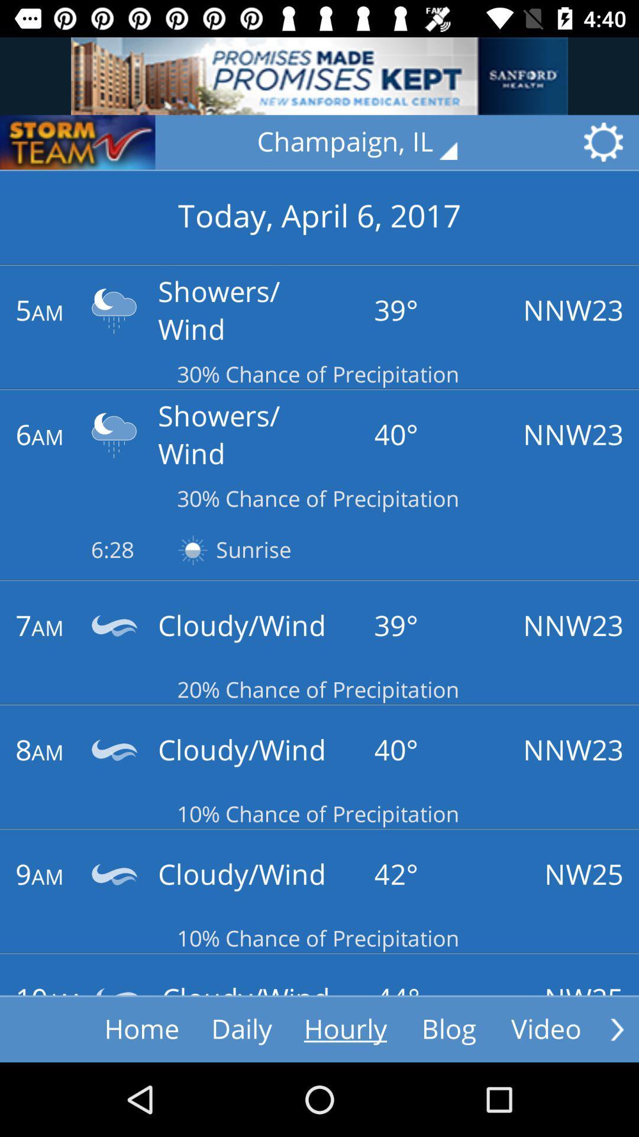  Describe the element at coordinates (78, 142) in the screenshot. I see `storm team button` at that location.